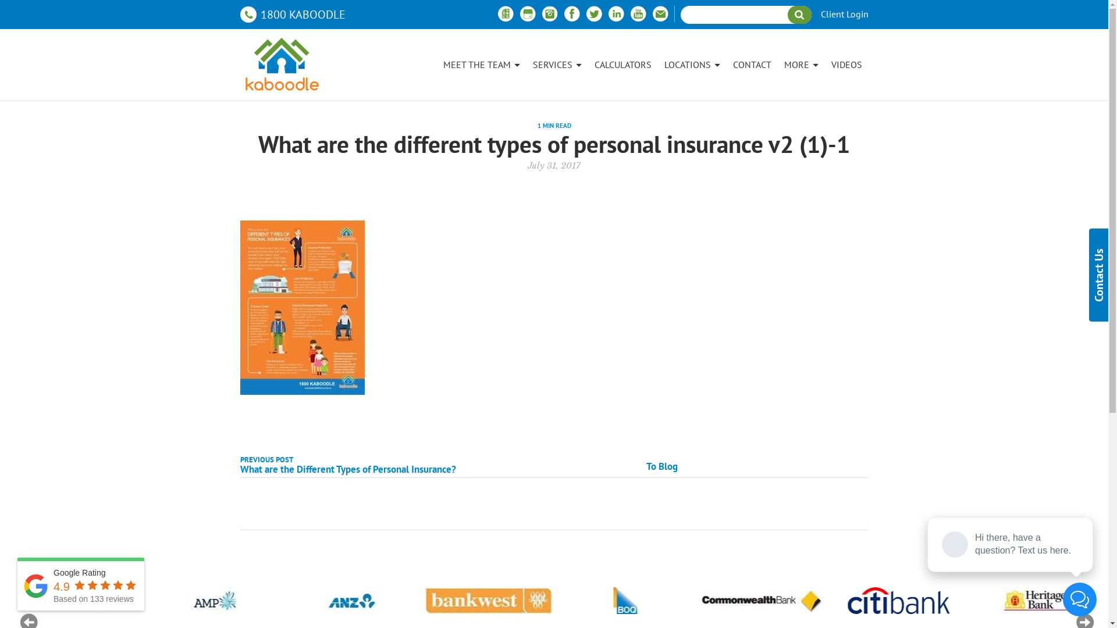  Describe the element at coordinates (487, 601) in the screenshot. I see `'Logo 05'` at that location.